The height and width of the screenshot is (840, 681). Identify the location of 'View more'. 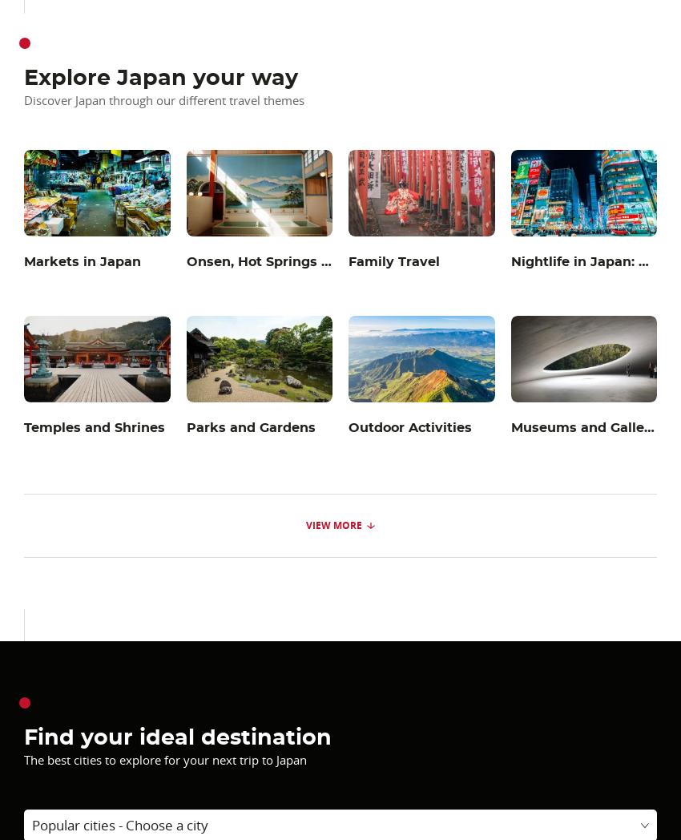
(334, 523).